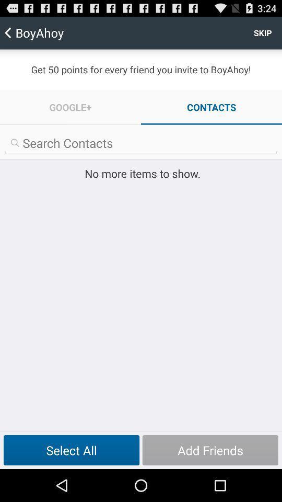 This screenshot has width=282, height=502. I want to click on search, so click(141, 143).